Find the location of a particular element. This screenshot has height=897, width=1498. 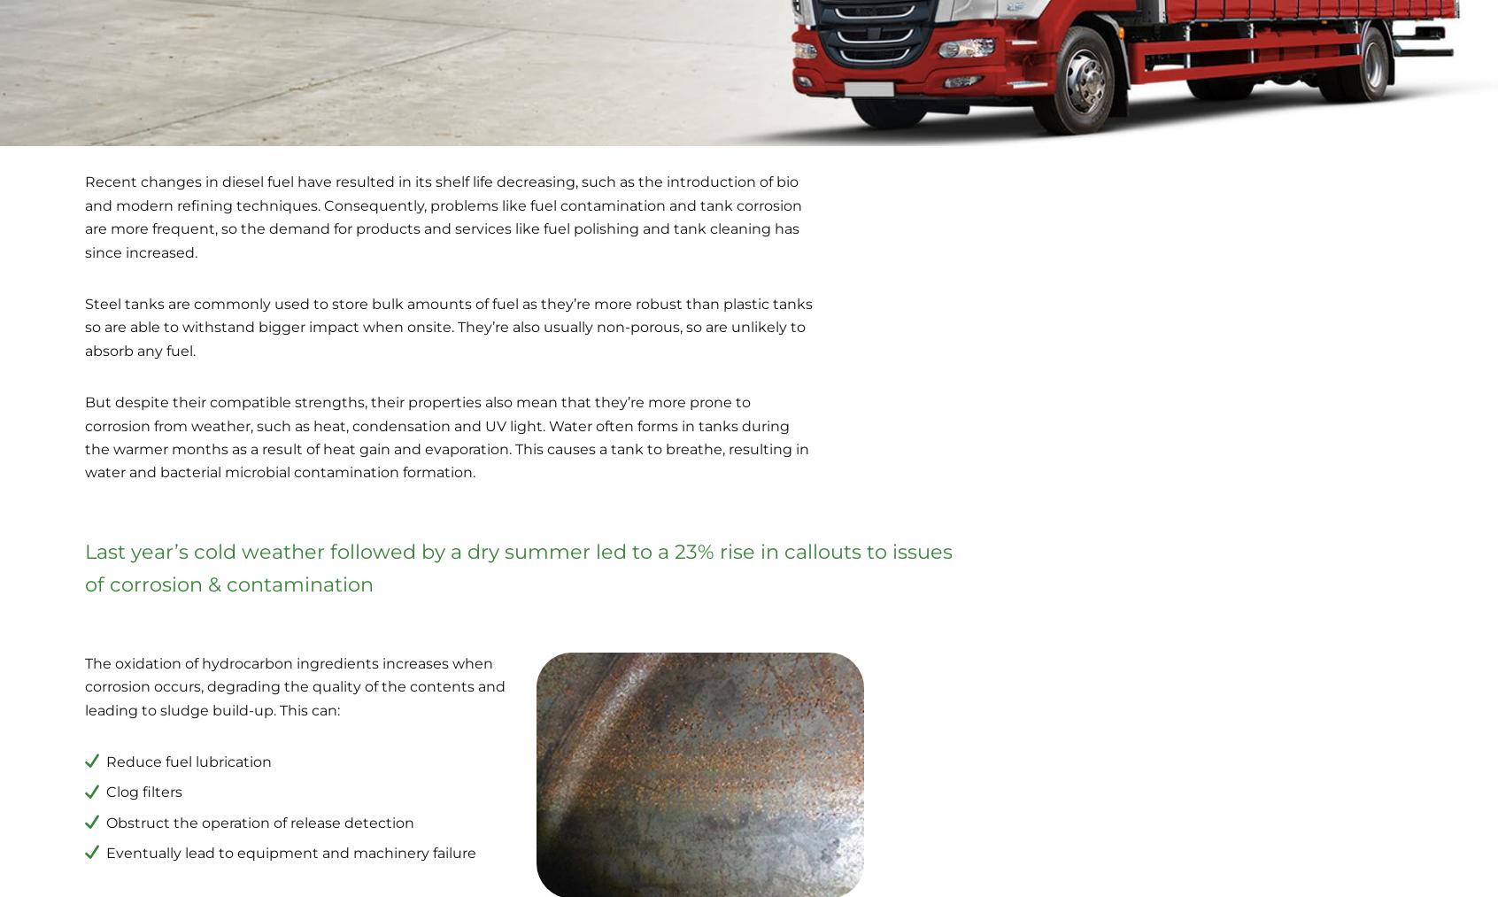

'Heap Bridge' is located at coordinates (1137, 690).